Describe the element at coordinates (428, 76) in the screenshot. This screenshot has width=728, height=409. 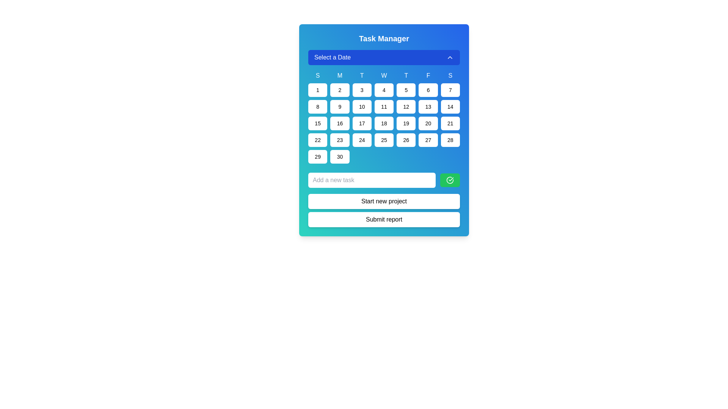
I see `the uppercase 'F' character displayed in white on a blue background, located in the calendar header of the task management interface, specifically as the sixth column under the weekly day abbreviations` at that location.